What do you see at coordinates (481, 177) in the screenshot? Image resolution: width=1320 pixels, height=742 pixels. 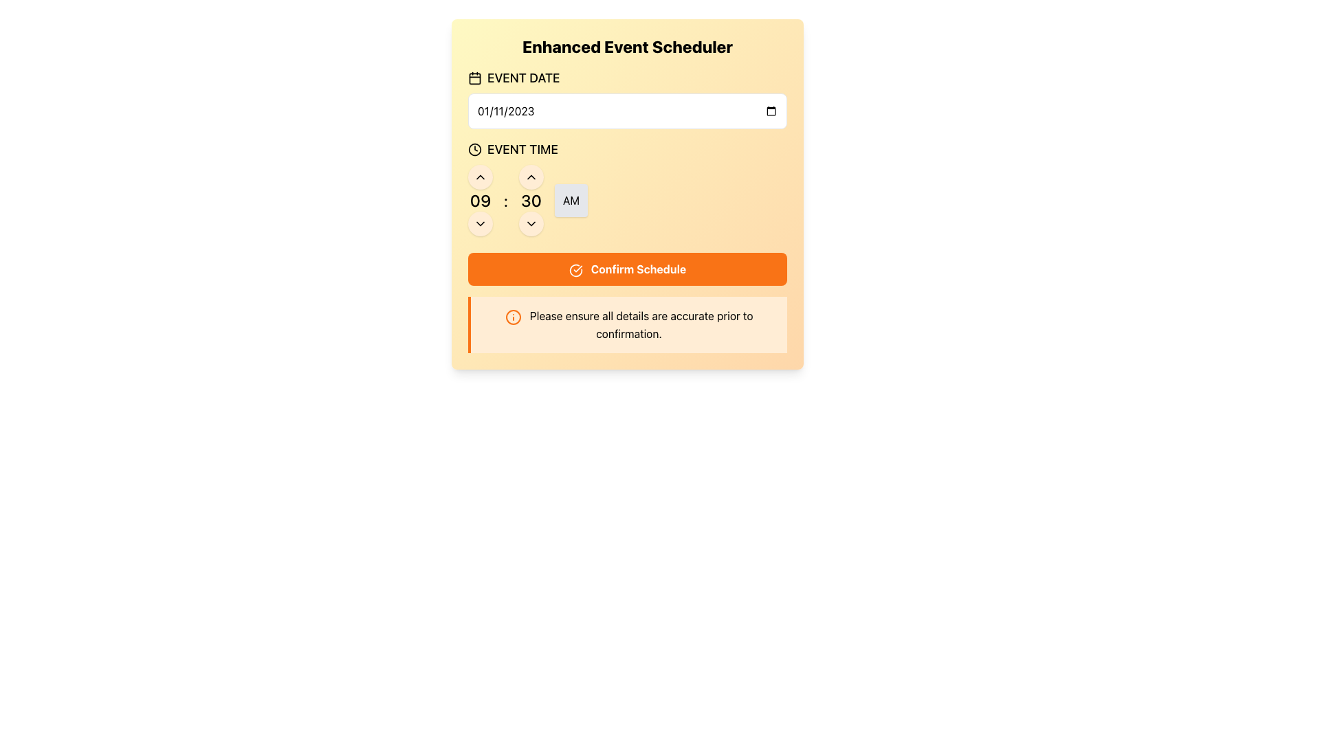 I see `the icon button located above the '09' time input field in the event scheduler interface to increment the hour value` at bounding box center [481, 177].